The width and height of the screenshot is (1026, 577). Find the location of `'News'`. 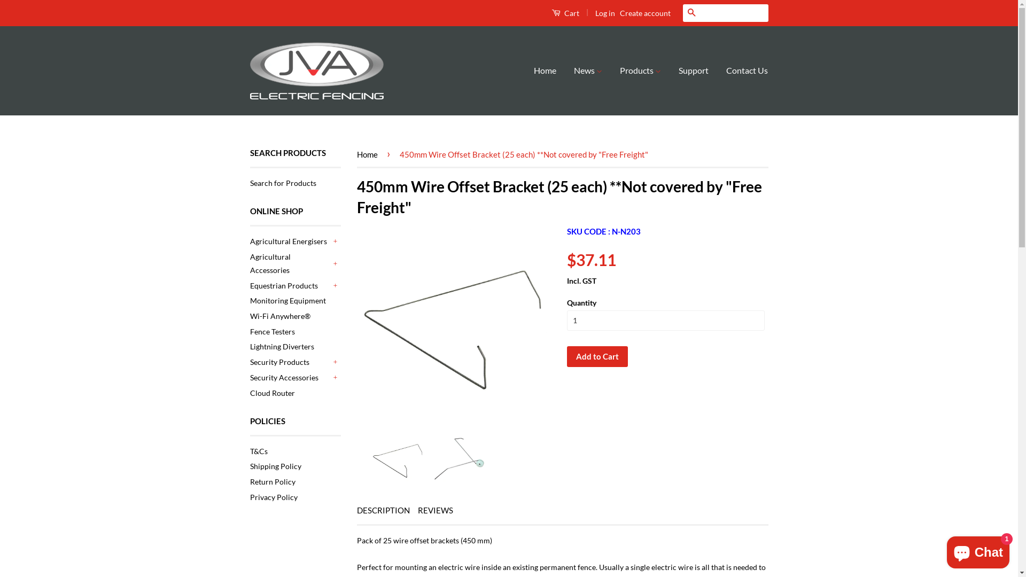

'News' is located at coordinates (587, 71).